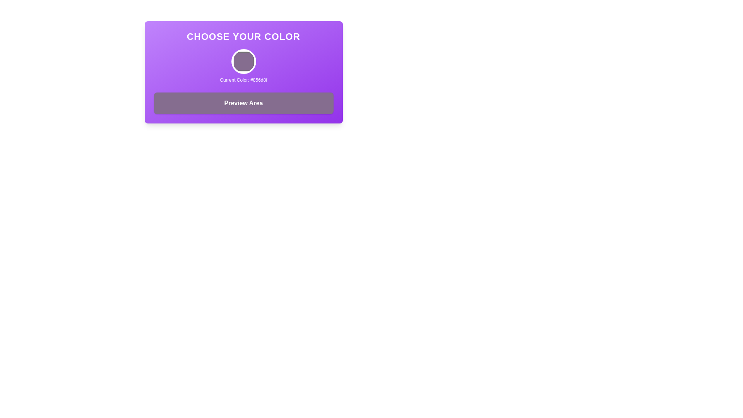 Image resolution: width=743 pixels, height=418 pixels. What do you see at coordinates (243, 80) in the screenshot?
I see `the text label displaying 'Current Color: #856d8f' which is located below the circular color preview section in the middle of the purple gradient card interface` at bounding box center [243, 80].